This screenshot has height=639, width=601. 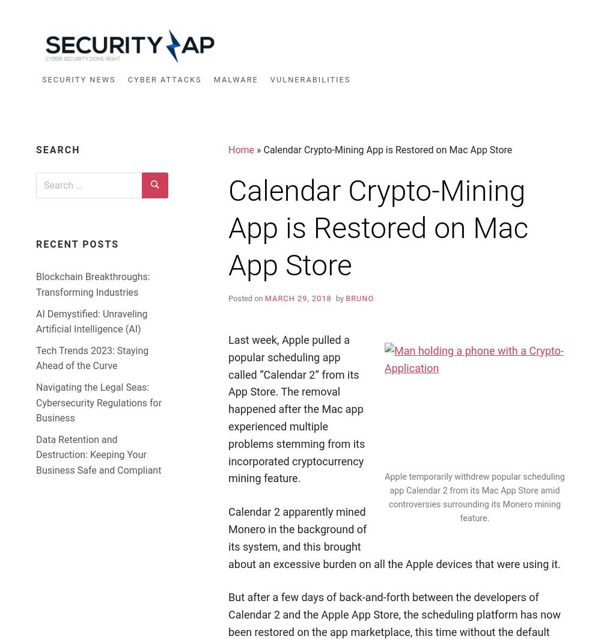 I want to click on 'Apple temporarily withdrew popular scheduling app Calendar 2 from its Mac App Store amid controversies surrounding its Monero mining feature.', so click(x=474, y=497).